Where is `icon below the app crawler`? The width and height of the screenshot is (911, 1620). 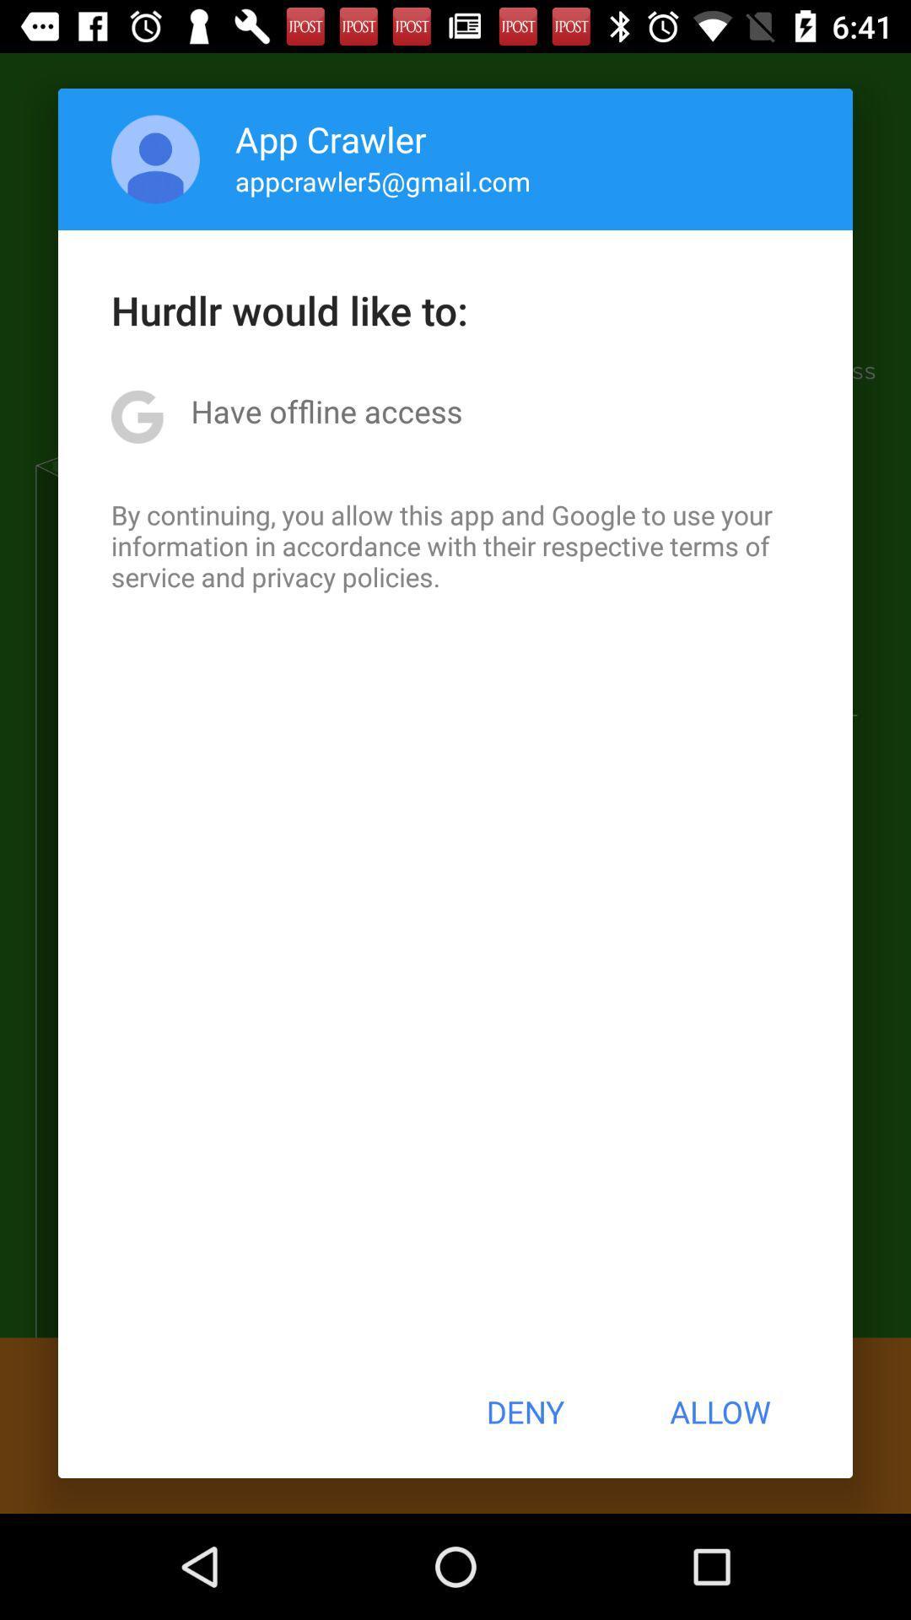
icon below the app crawler is located at coordinates (383, 181).